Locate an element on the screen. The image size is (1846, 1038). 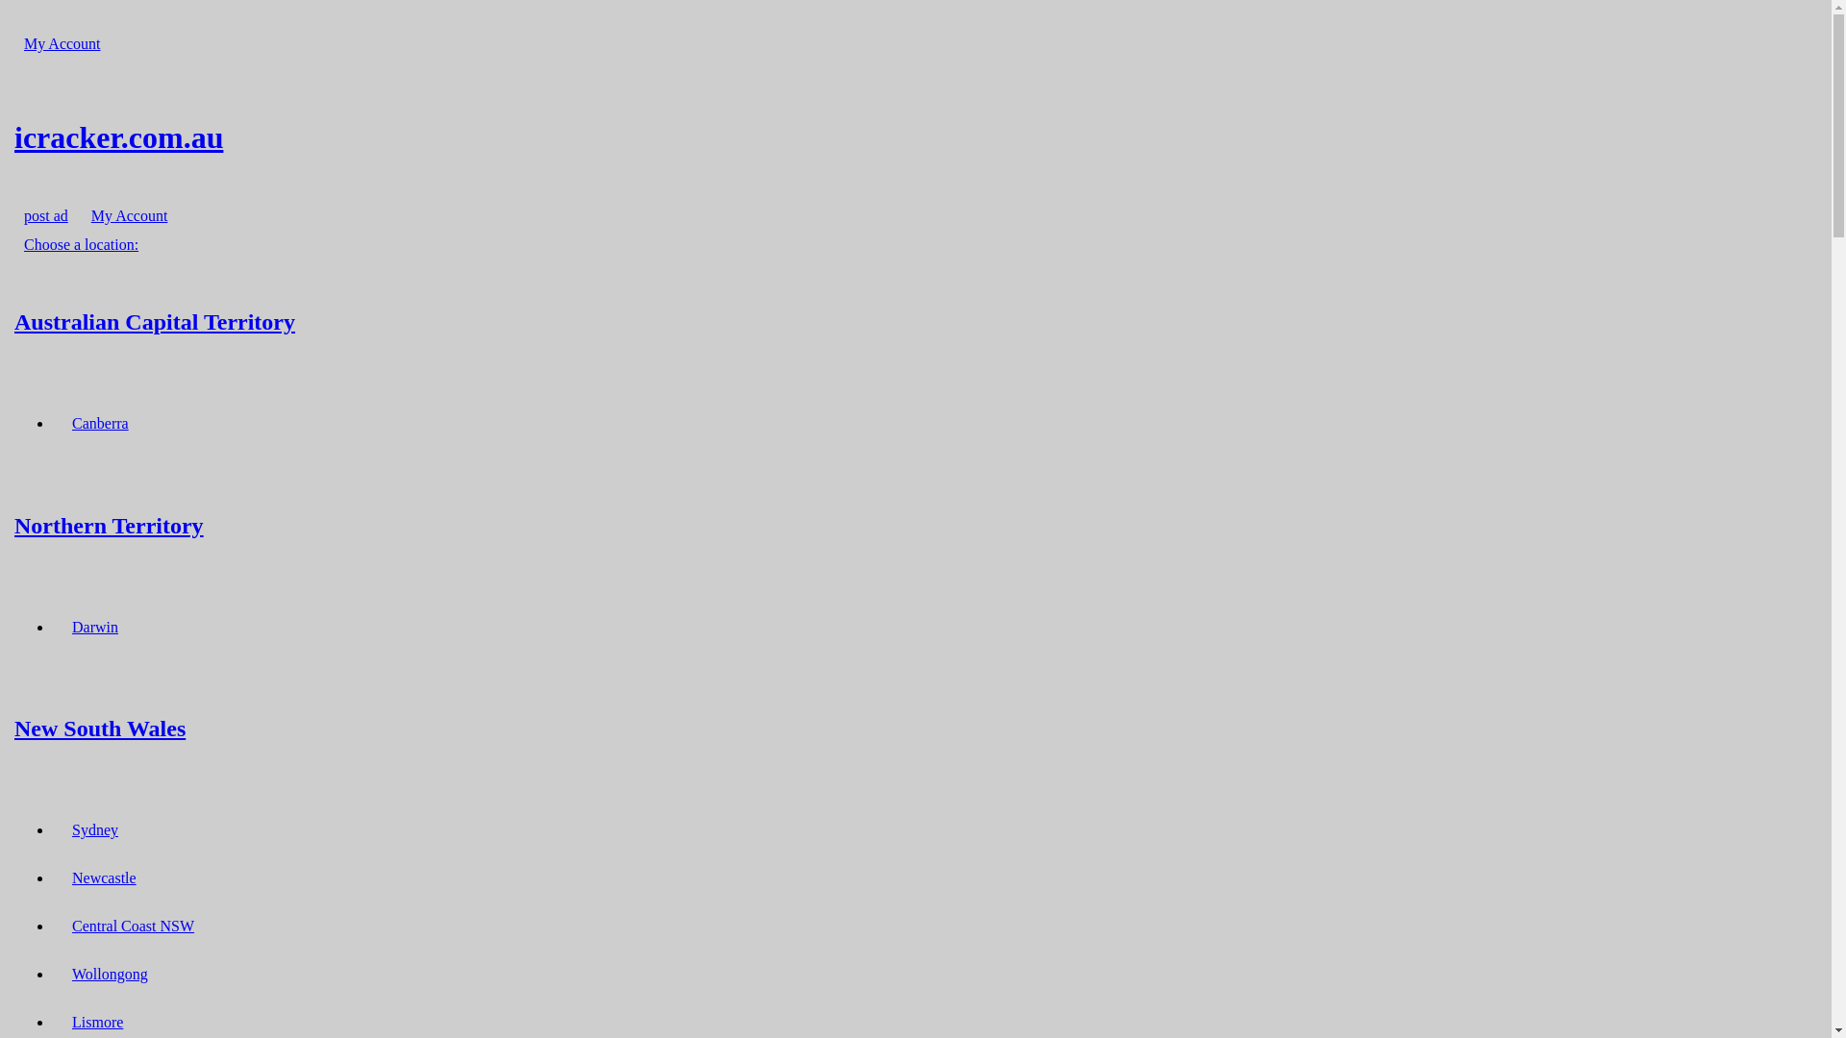
'My Account' is located at coordinates (62, 43).